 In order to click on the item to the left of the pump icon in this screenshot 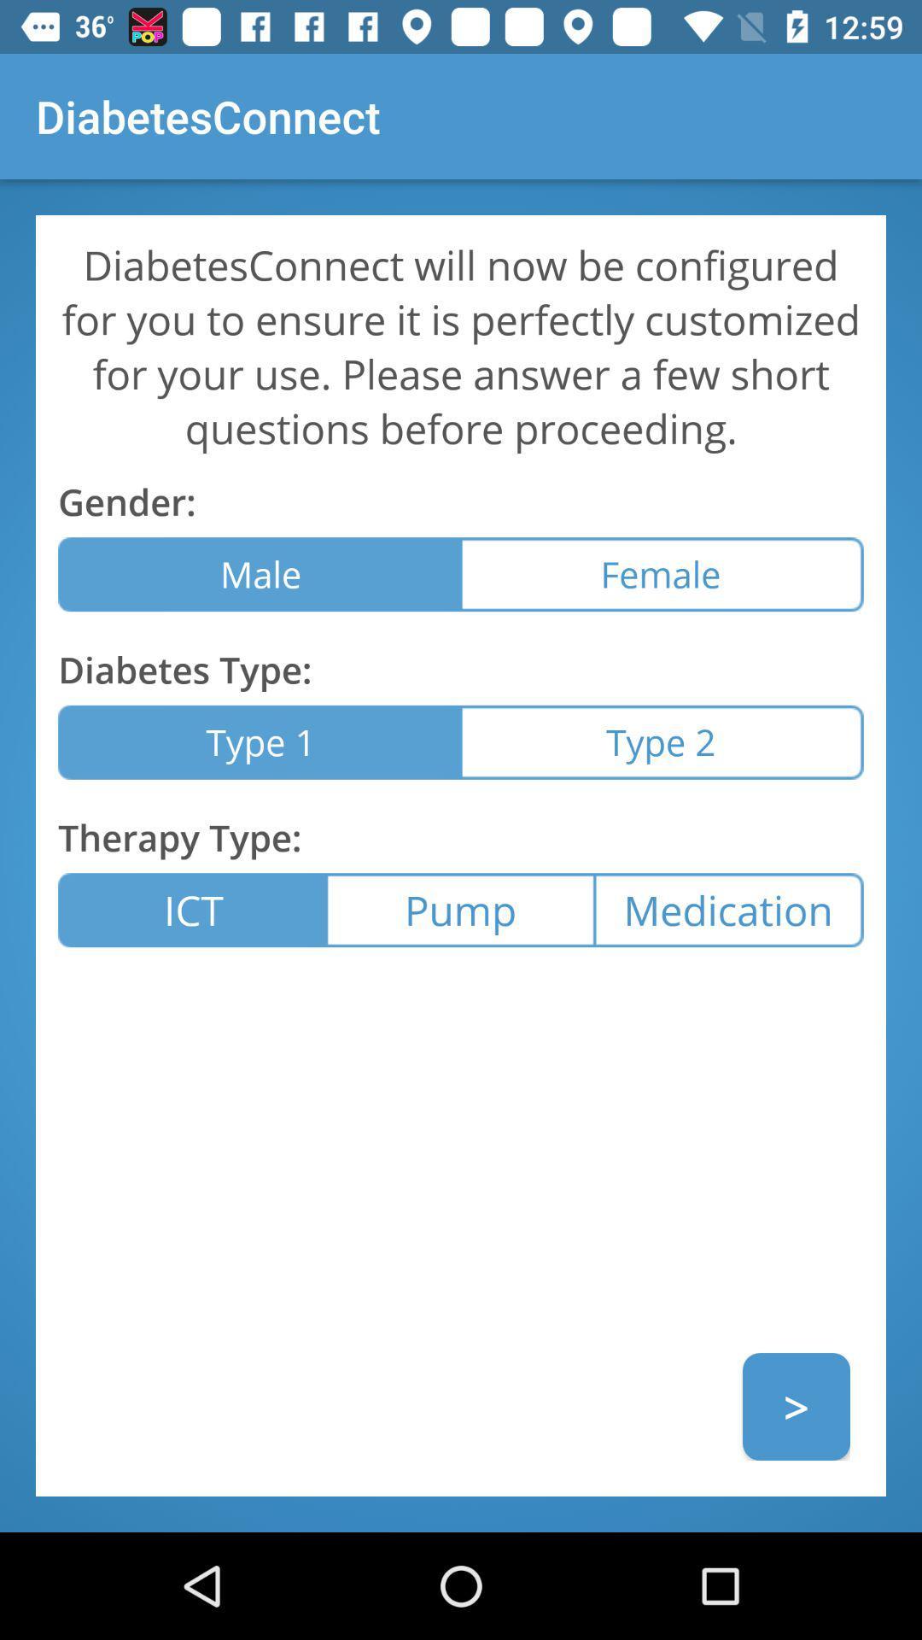, I will do `click(192, 909)`.